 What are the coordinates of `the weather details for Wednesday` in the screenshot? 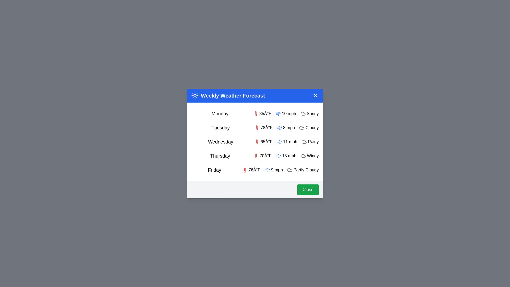 It's located at (255, 141).